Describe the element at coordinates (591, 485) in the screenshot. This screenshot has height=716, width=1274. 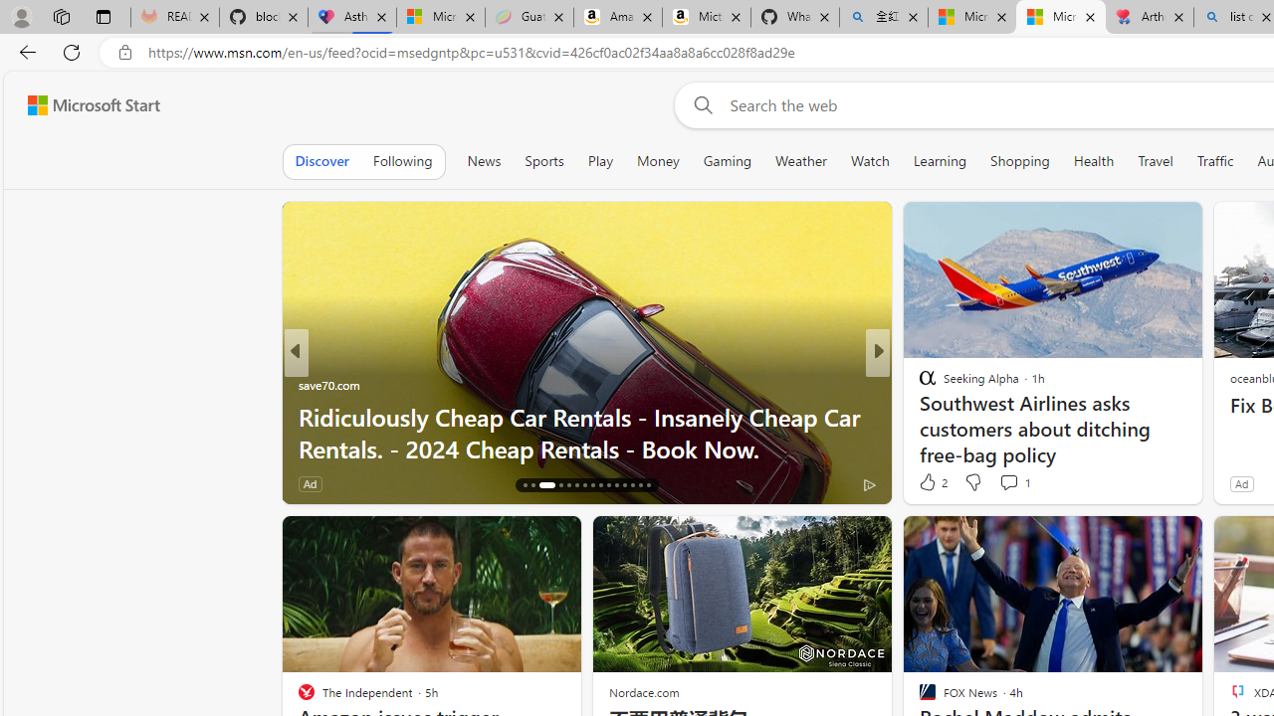
I see `'AutomationID: tab-23'` at that location.